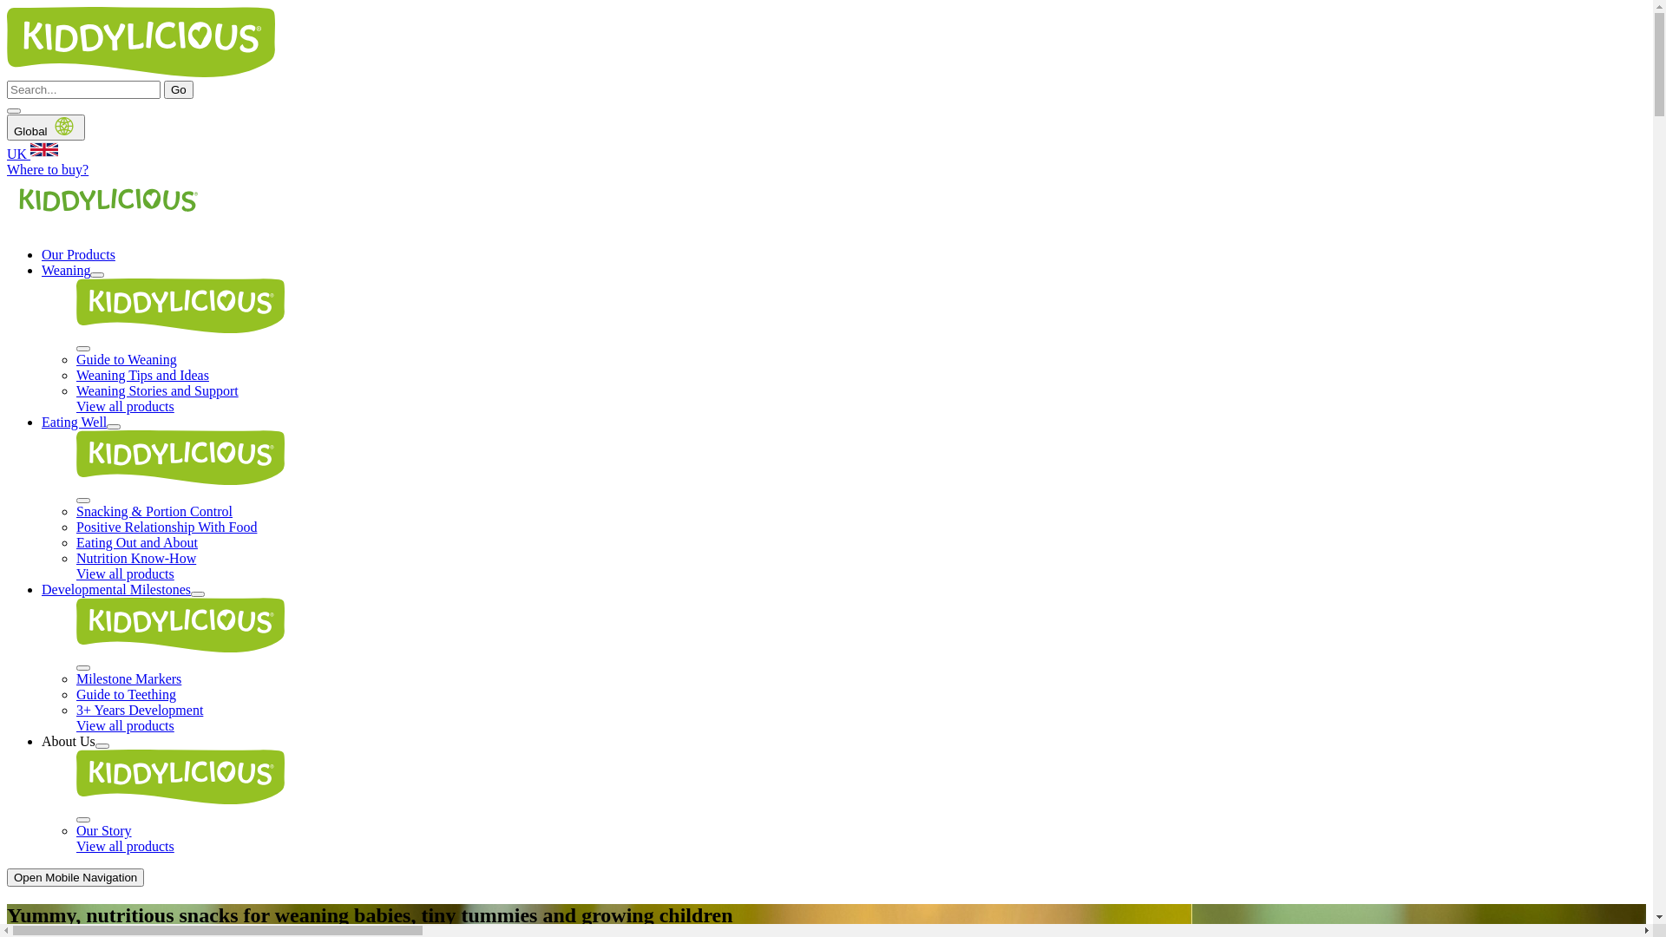 This screenshot has height=937, width=1666. Describe the element at coordinates (157, 390) in the screenshot. I see `'Weaning Stories and Support'` at that location.